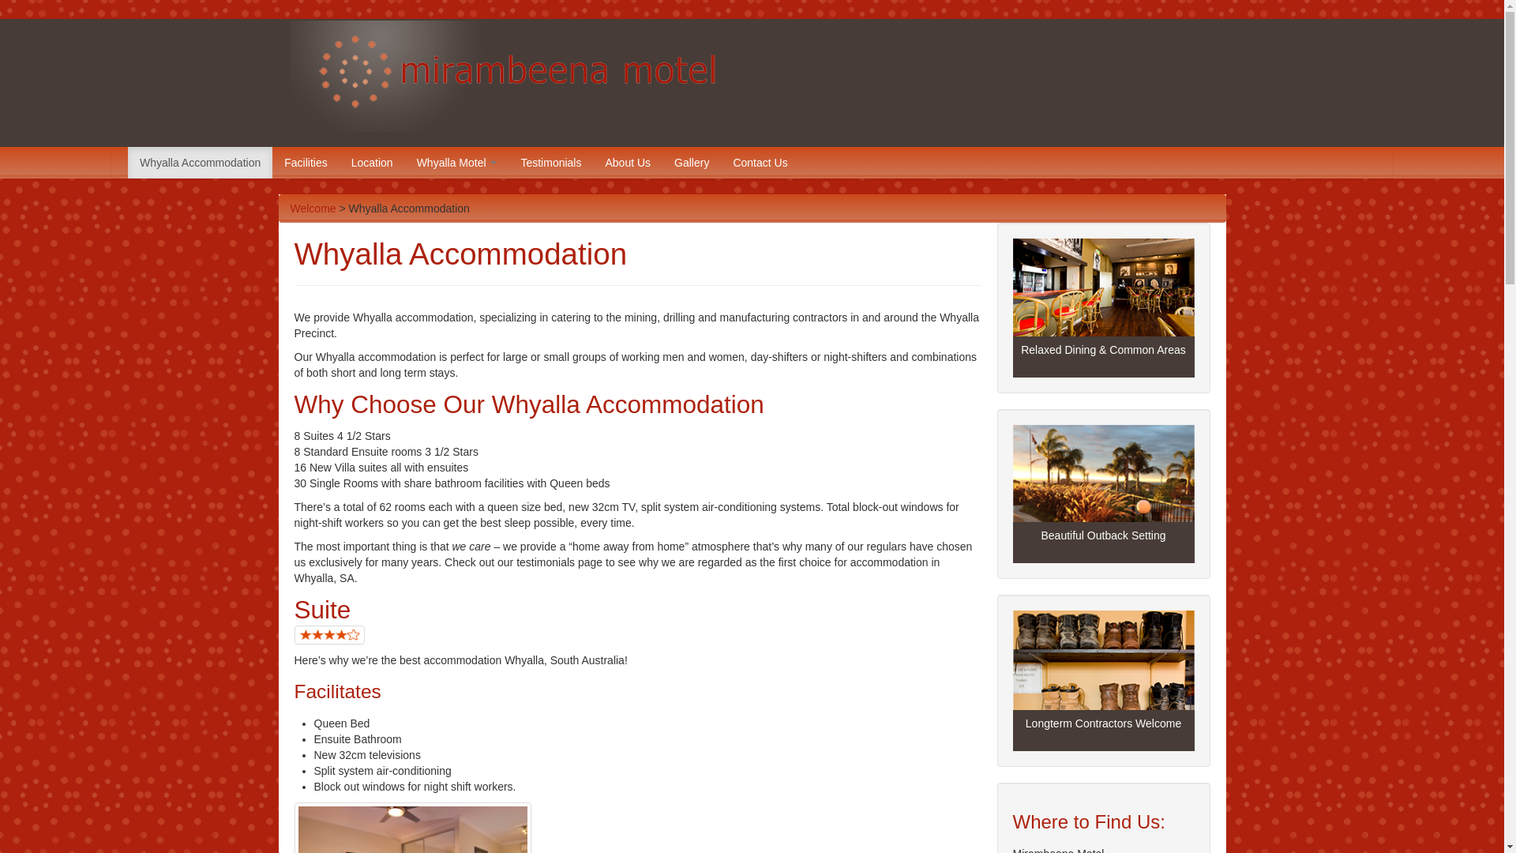  I want to click on 'Contact Us', so click(760, 162).